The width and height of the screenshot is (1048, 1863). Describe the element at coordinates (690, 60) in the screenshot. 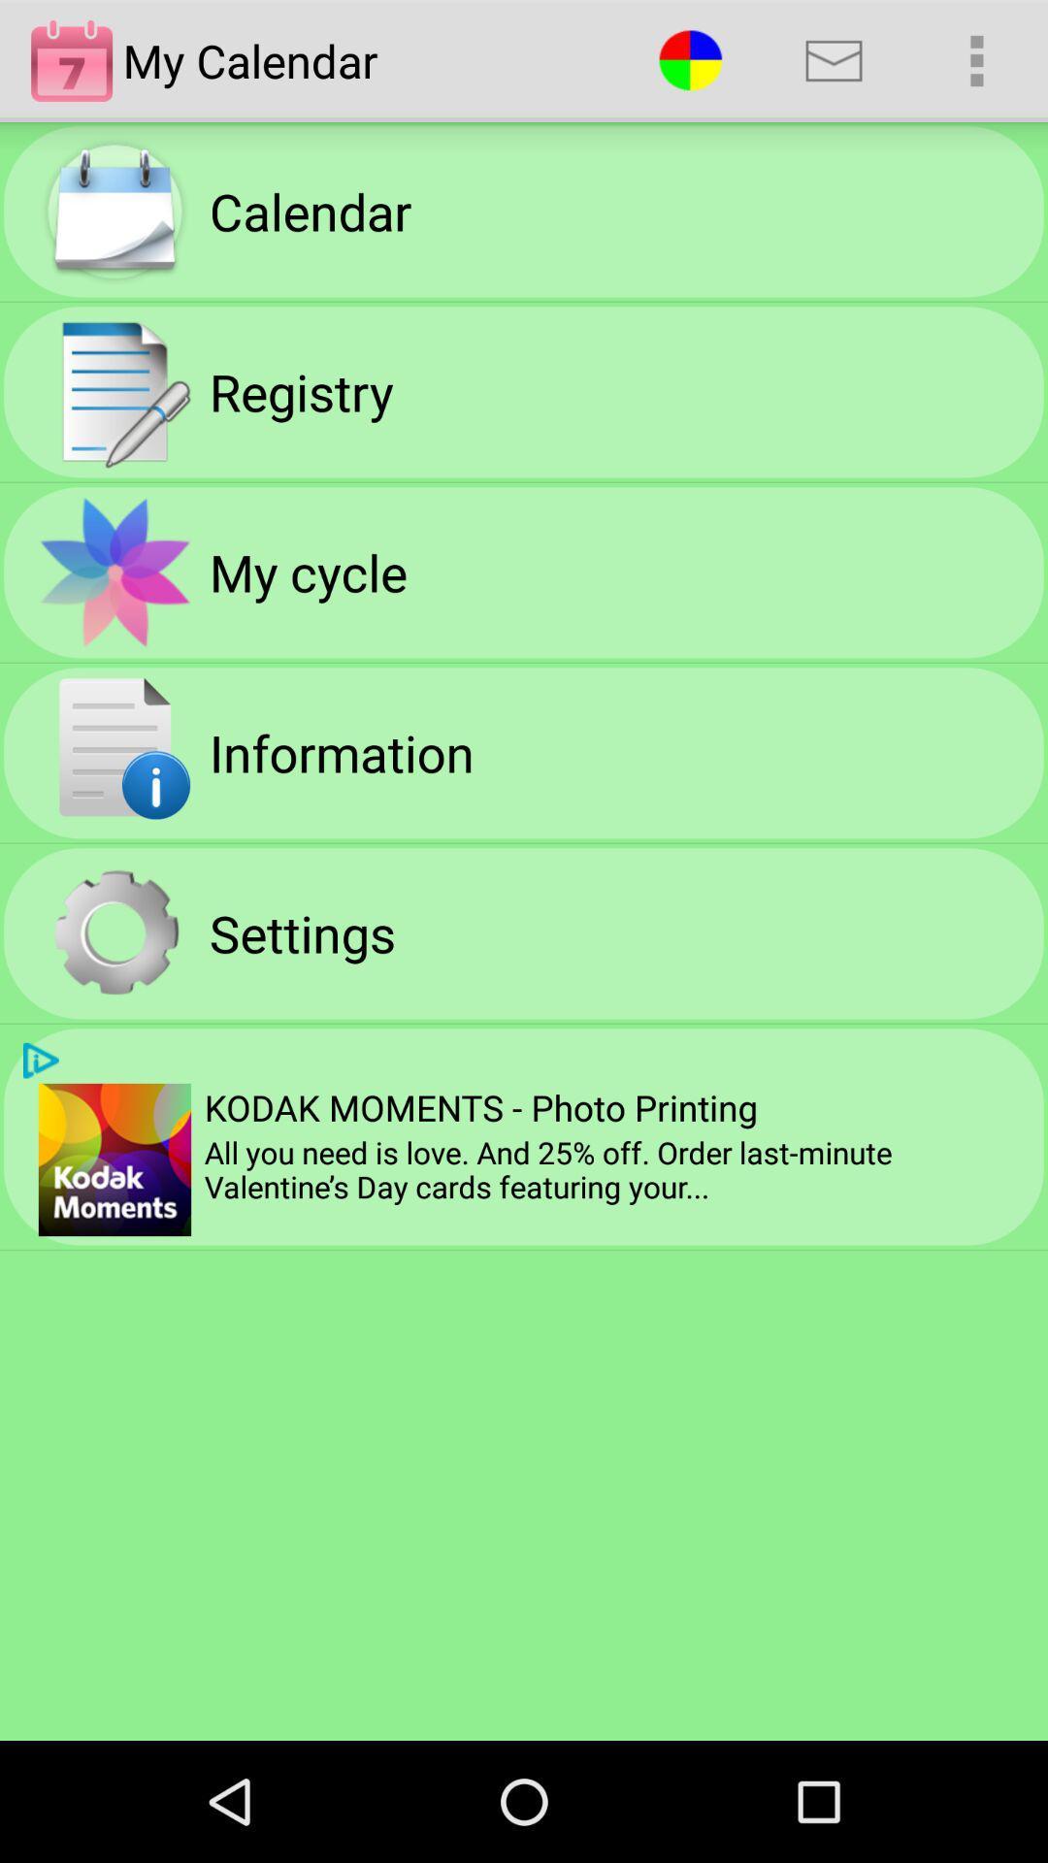

I see `item at the top` at that location.